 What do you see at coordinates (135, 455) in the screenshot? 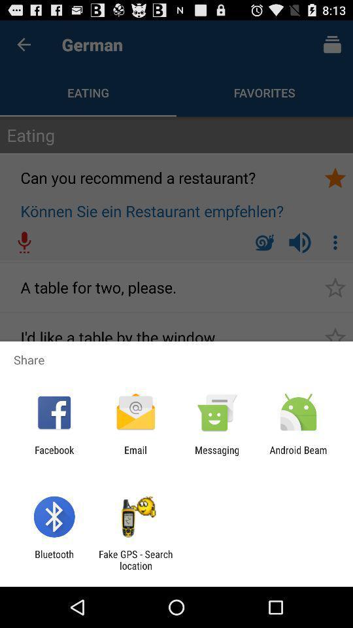
I see `email item` at bounding box center [135, 455].